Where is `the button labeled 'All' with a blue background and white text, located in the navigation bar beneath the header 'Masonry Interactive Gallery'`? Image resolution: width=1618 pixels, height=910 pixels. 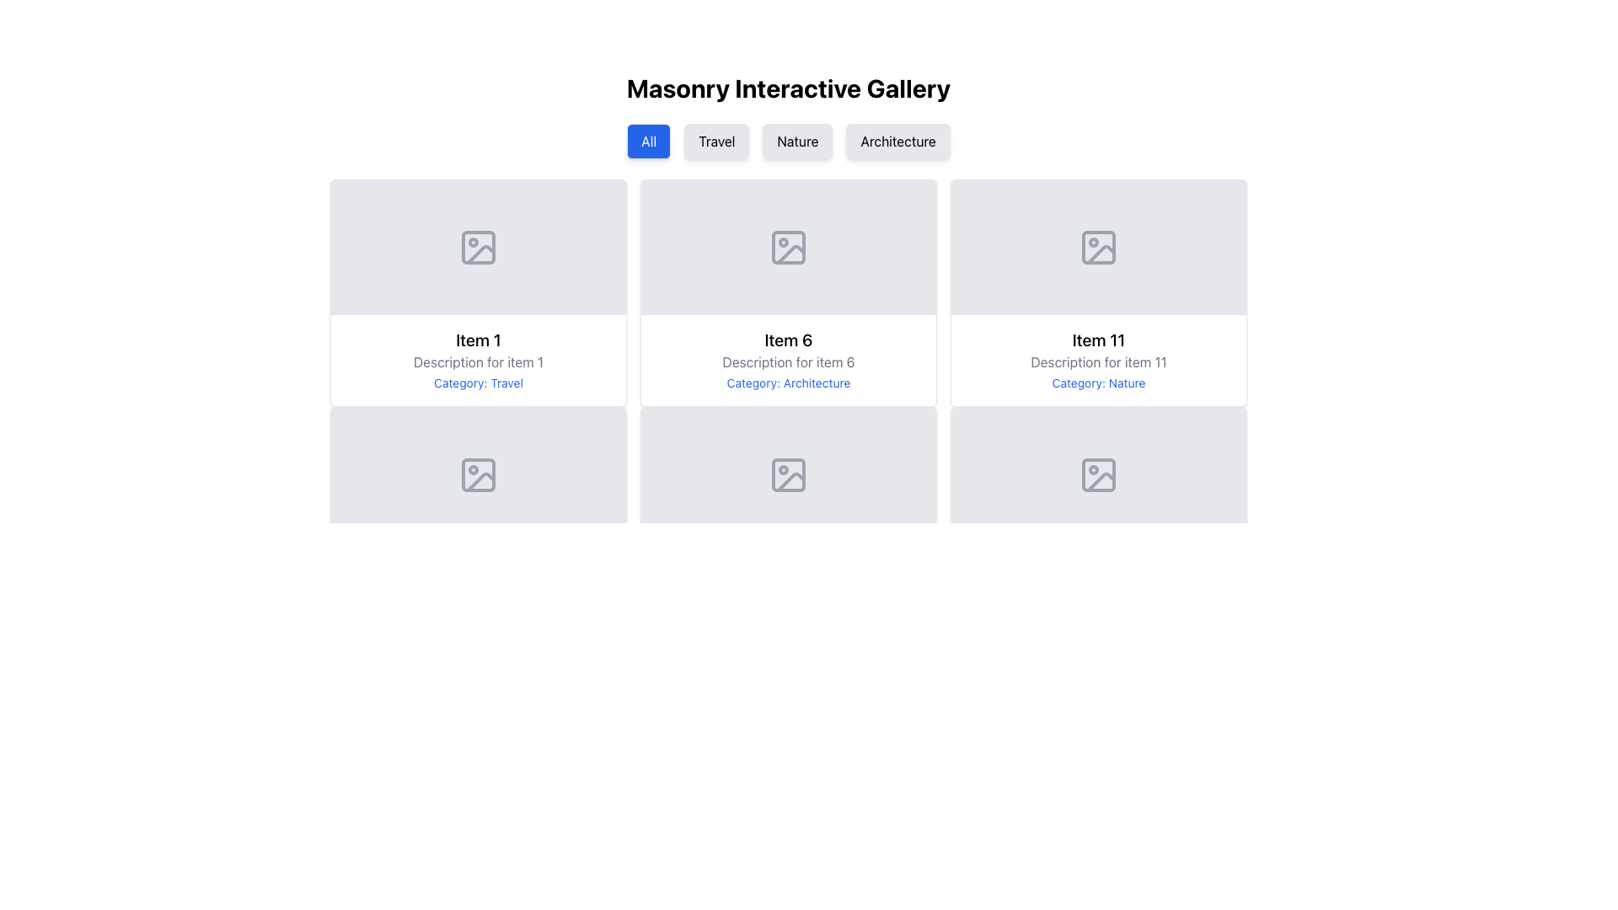
the button labeled 'All' with a blue background and white text, located in the navigation bar beneath the header 'Masonry Interactive Gallery' is located at coordinates (648, 141).